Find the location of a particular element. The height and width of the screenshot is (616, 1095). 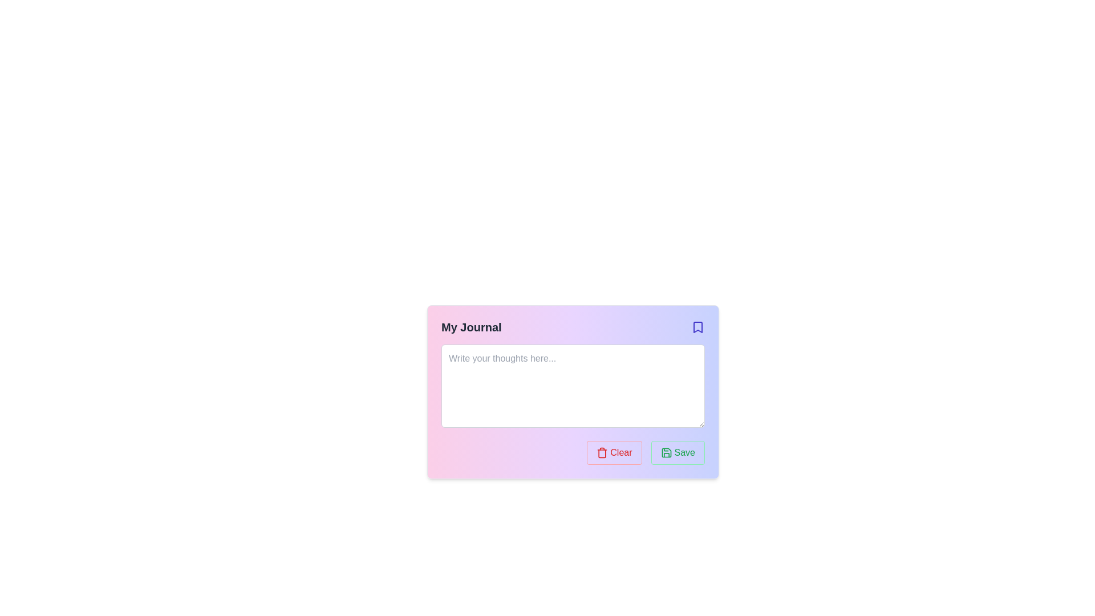

the 'Save' button icon located at the bottom-right corner of the card is located at coordinates (666, 452).